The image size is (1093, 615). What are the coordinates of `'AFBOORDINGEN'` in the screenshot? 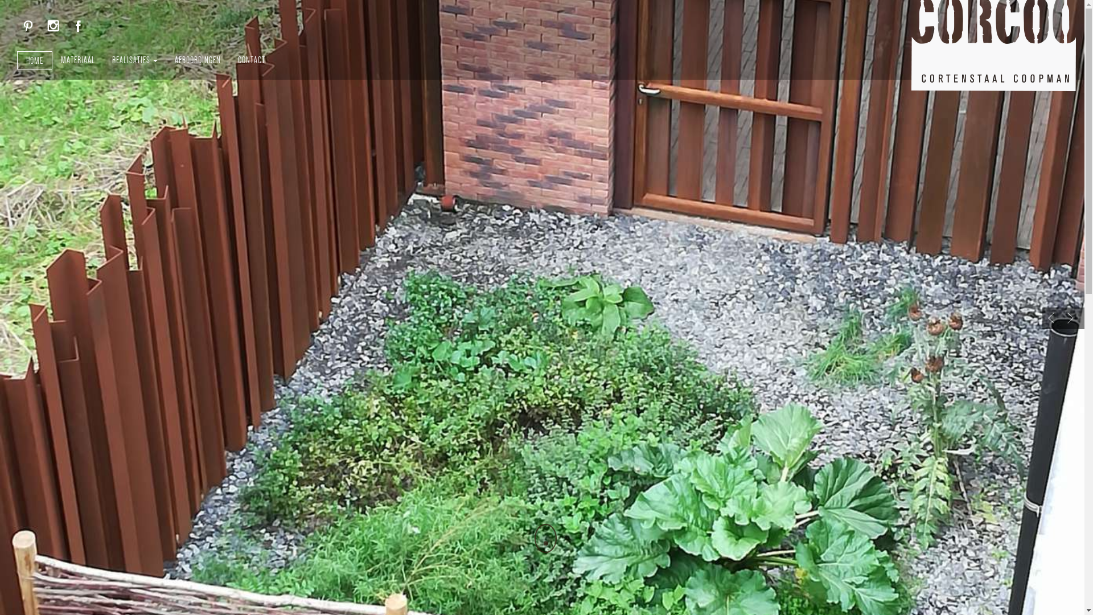 It's located at (198, 59).